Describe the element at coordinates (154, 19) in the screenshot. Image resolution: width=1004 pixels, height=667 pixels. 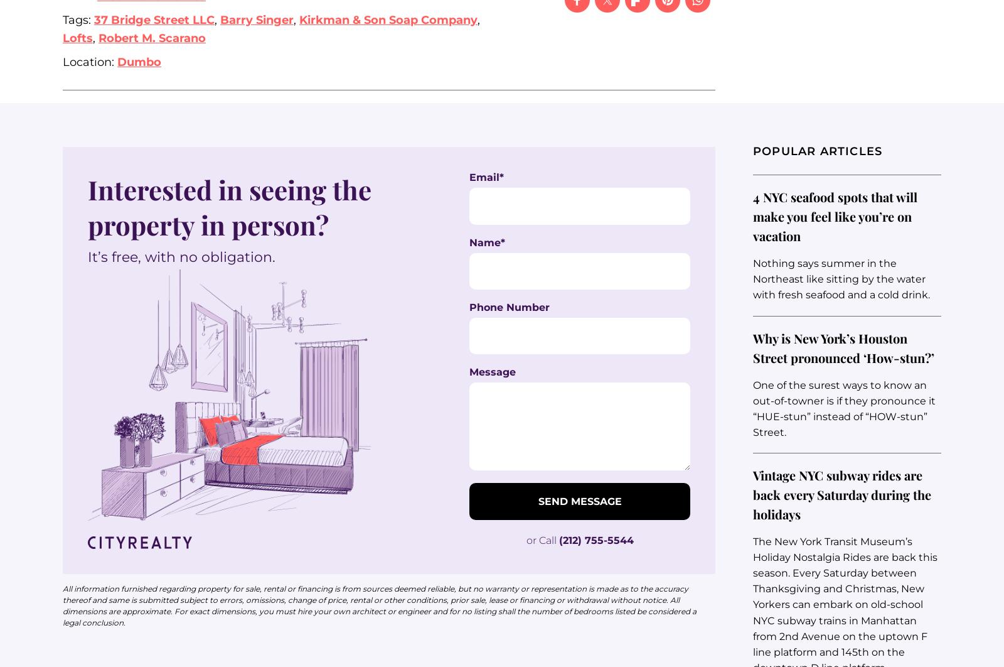
I see `'37 Bridge Street LLC'` at that location.